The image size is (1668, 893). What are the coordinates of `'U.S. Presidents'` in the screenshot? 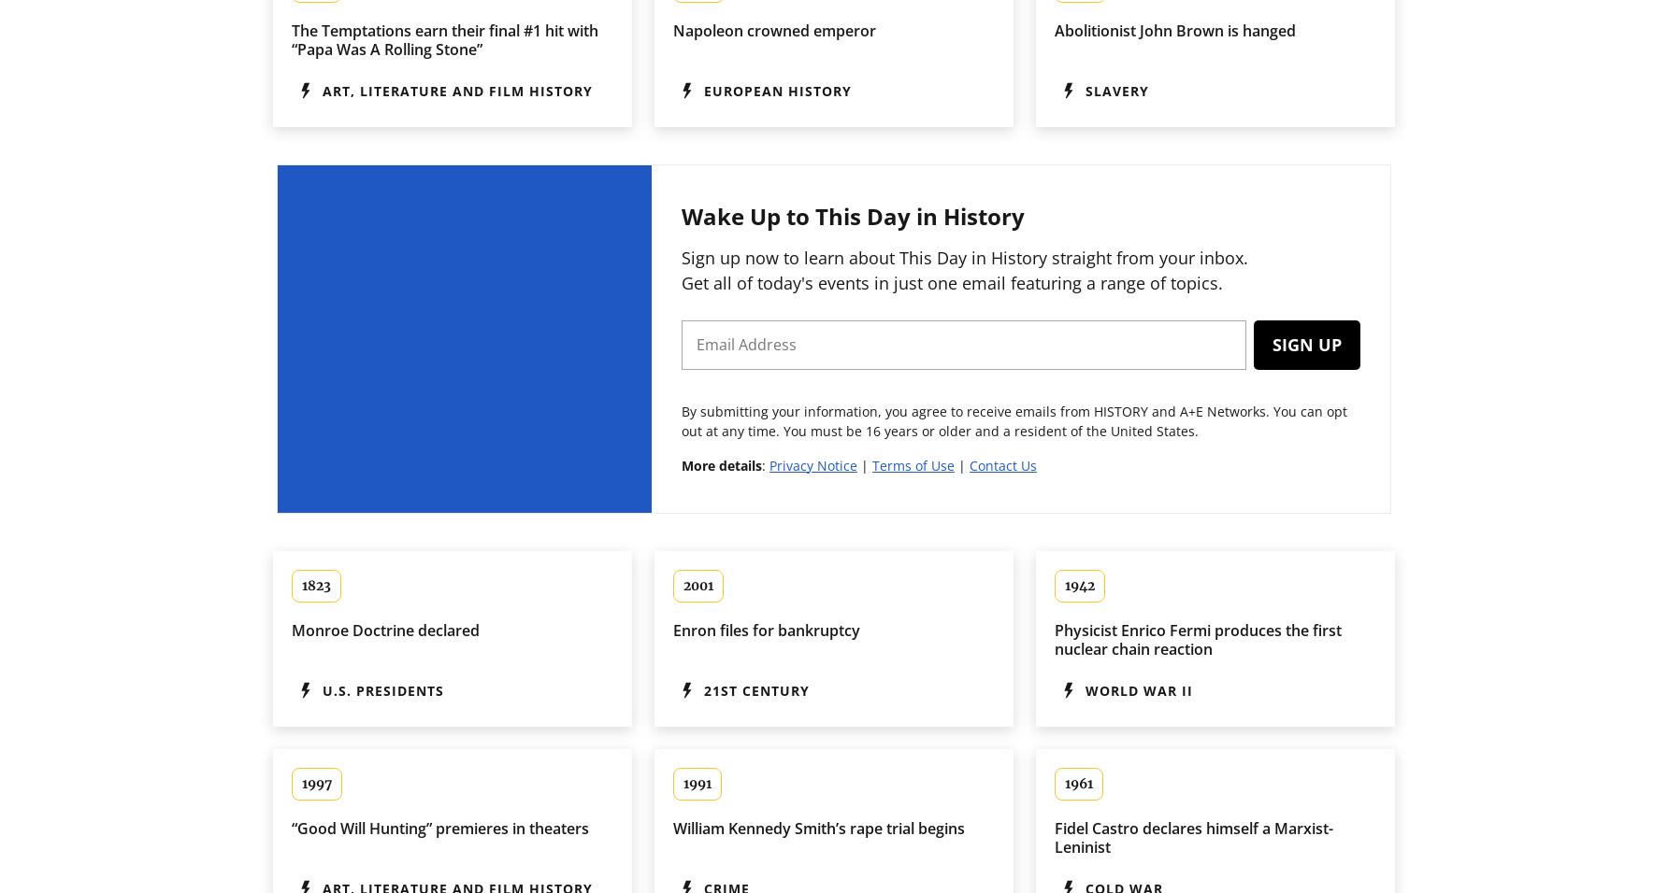 It's located at (381, 688).